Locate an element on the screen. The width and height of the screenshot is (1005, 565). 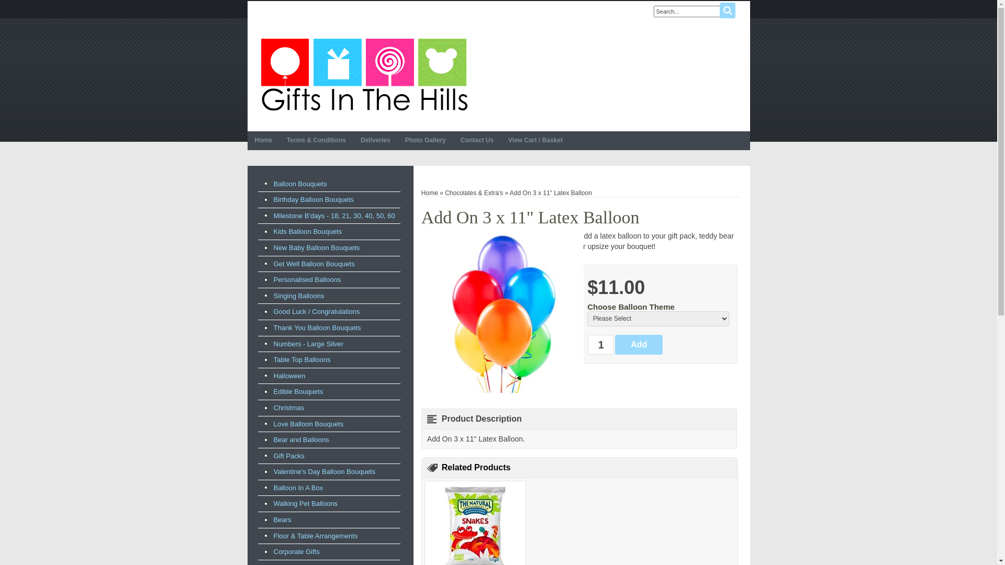
'Photo Gallery' is located at coordinates (397, 140).